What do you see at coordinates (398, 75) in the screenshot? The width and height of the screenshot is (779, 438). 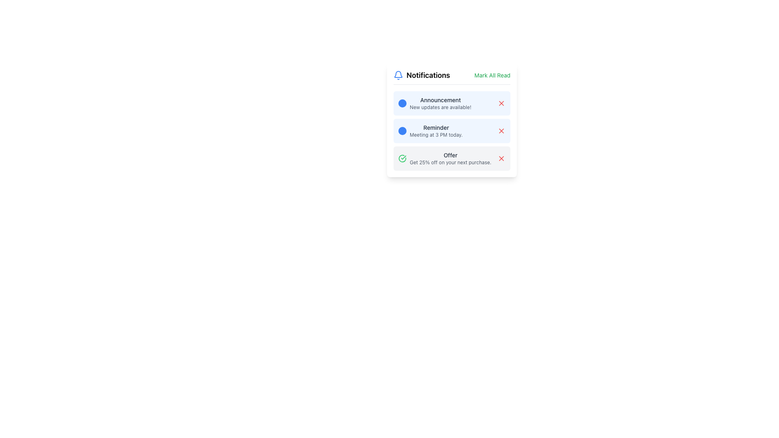 I see `the notifications icon located at the top-left corner of the notifications panel, adjacent to the text 'Notifications'` at bounding box center [398, 75].